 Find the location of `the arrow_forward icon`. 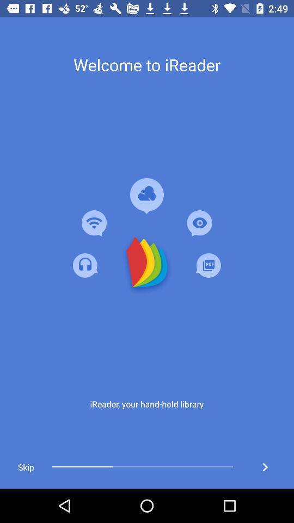

the arrow_forward icon is located at coordinates (265, 466).